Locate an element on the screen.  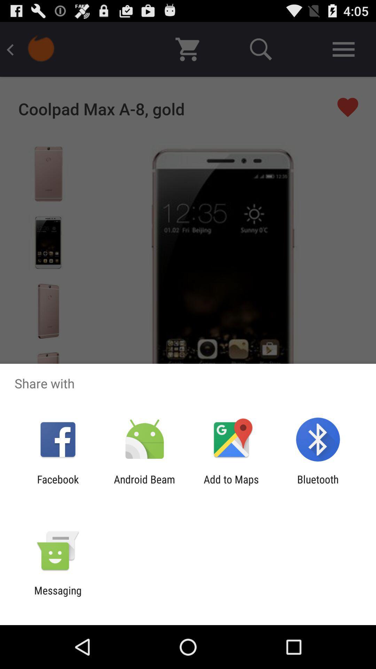
the icon next to the android beam icon is located at coordinates (57, 485).